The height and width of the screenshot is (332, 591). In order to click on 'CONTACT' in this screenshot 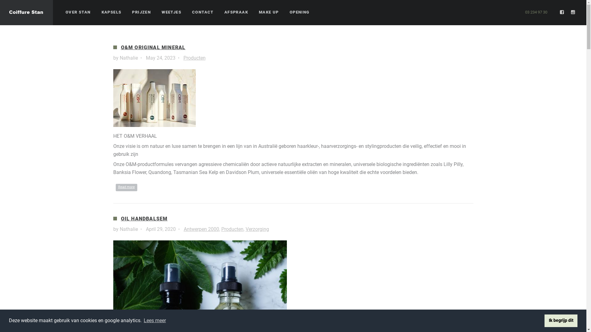, I will do `click(203, 12)`.